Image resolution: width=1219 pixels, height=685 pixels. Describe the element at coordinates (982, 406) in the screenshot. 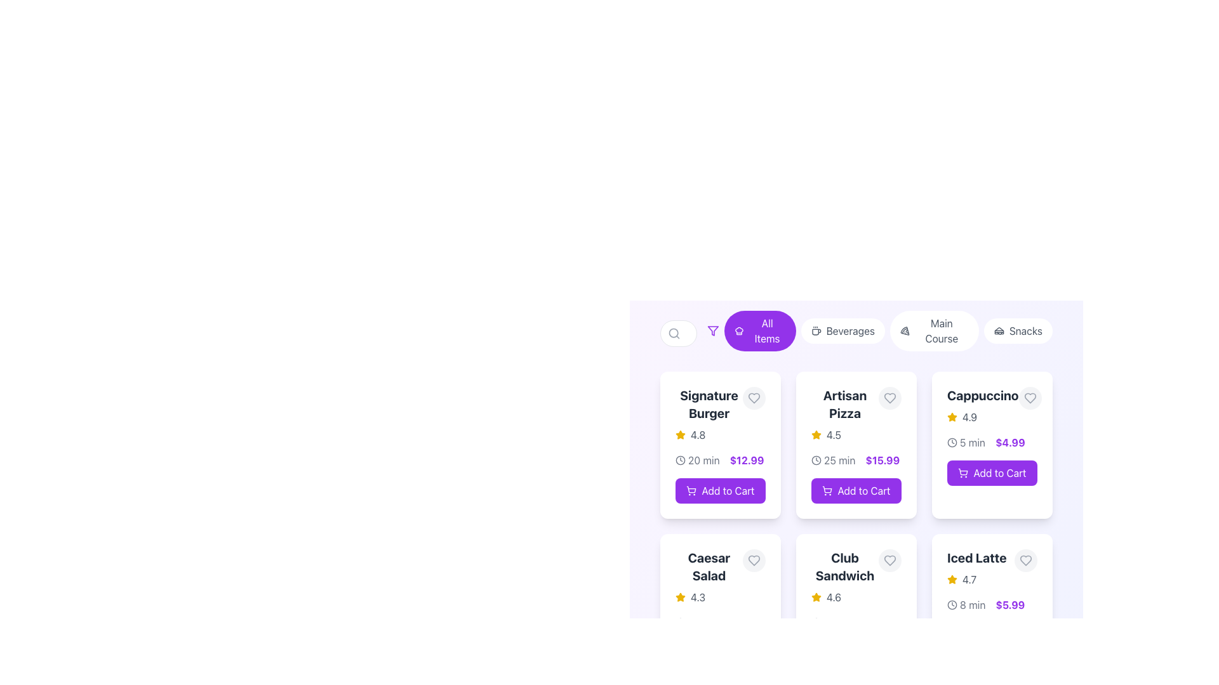

I see `displayed information from the textual display element showing the title and rating of 'Cappuccino', located in the top-right card of the grid layout` at that location.